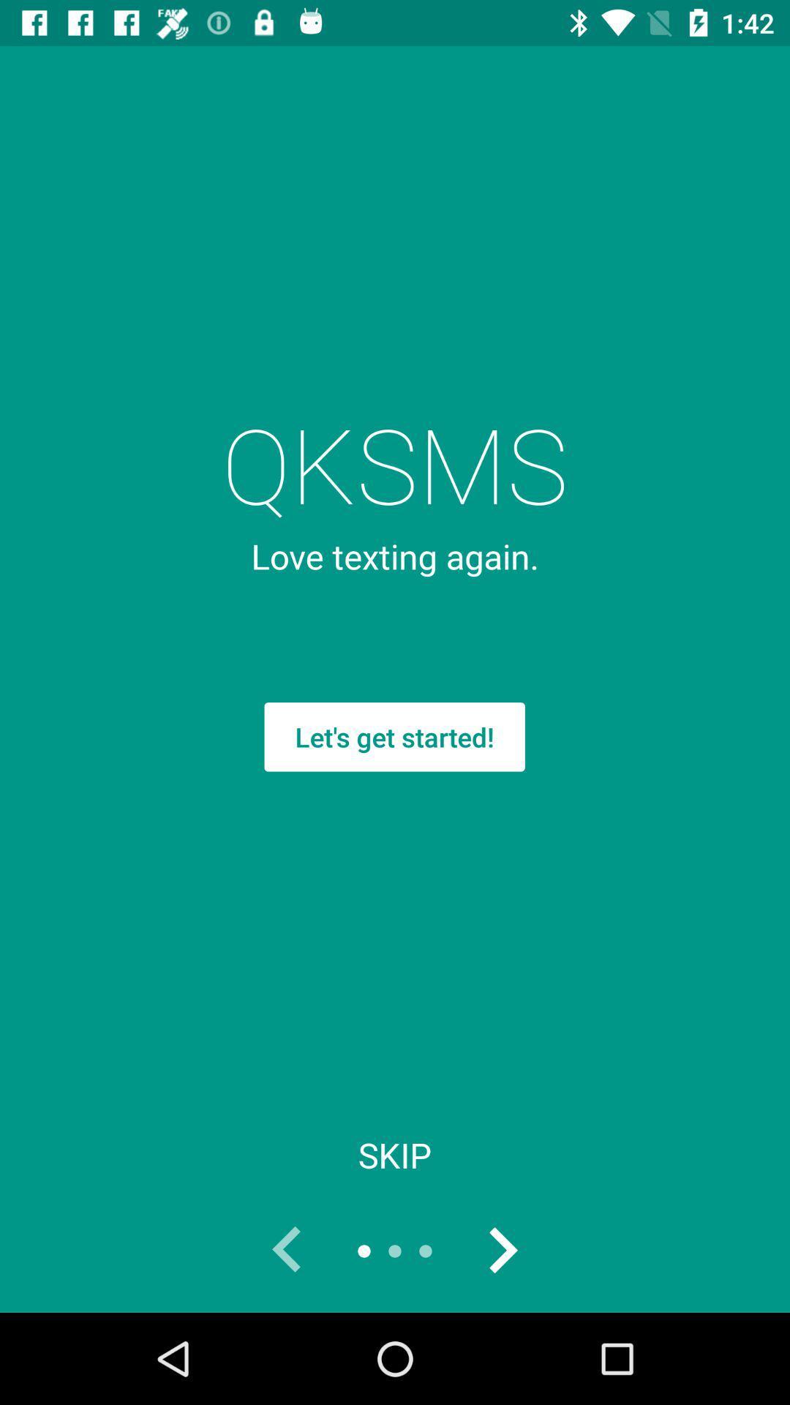 This screenshot has width=790, height=1405. I want to click on icon below the let s get item, so click(395, 1154).